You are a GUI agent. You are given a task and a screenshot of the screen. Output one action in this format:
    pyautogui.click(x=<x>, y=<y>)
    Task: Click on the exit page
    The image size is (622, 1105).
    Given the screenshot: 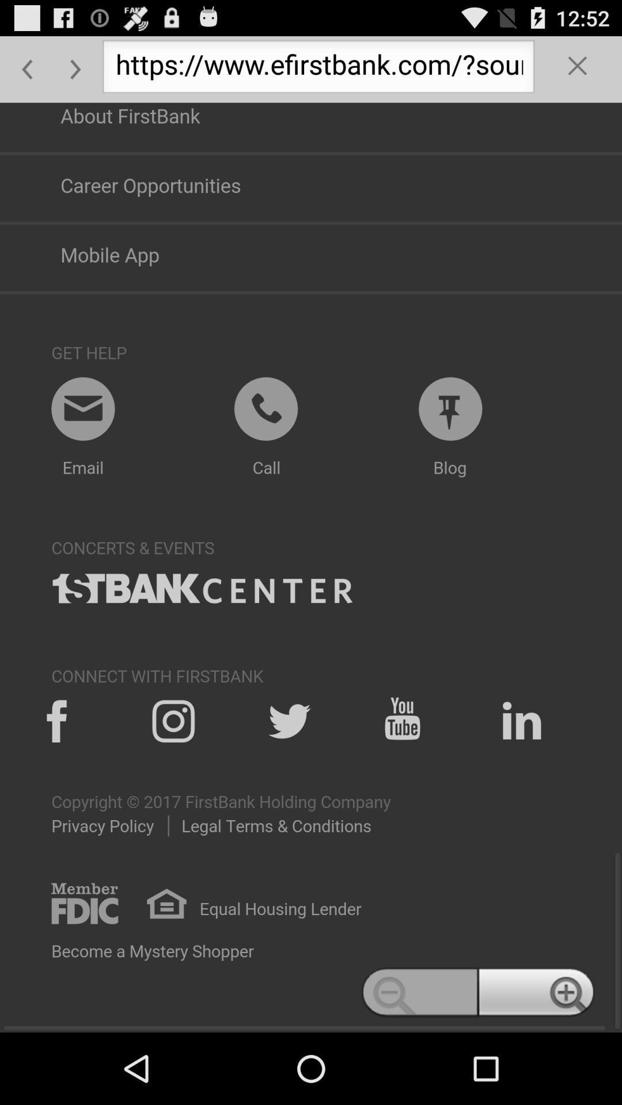 What is the action you would take?
    pyautogui.click(x=578, y=68)
    